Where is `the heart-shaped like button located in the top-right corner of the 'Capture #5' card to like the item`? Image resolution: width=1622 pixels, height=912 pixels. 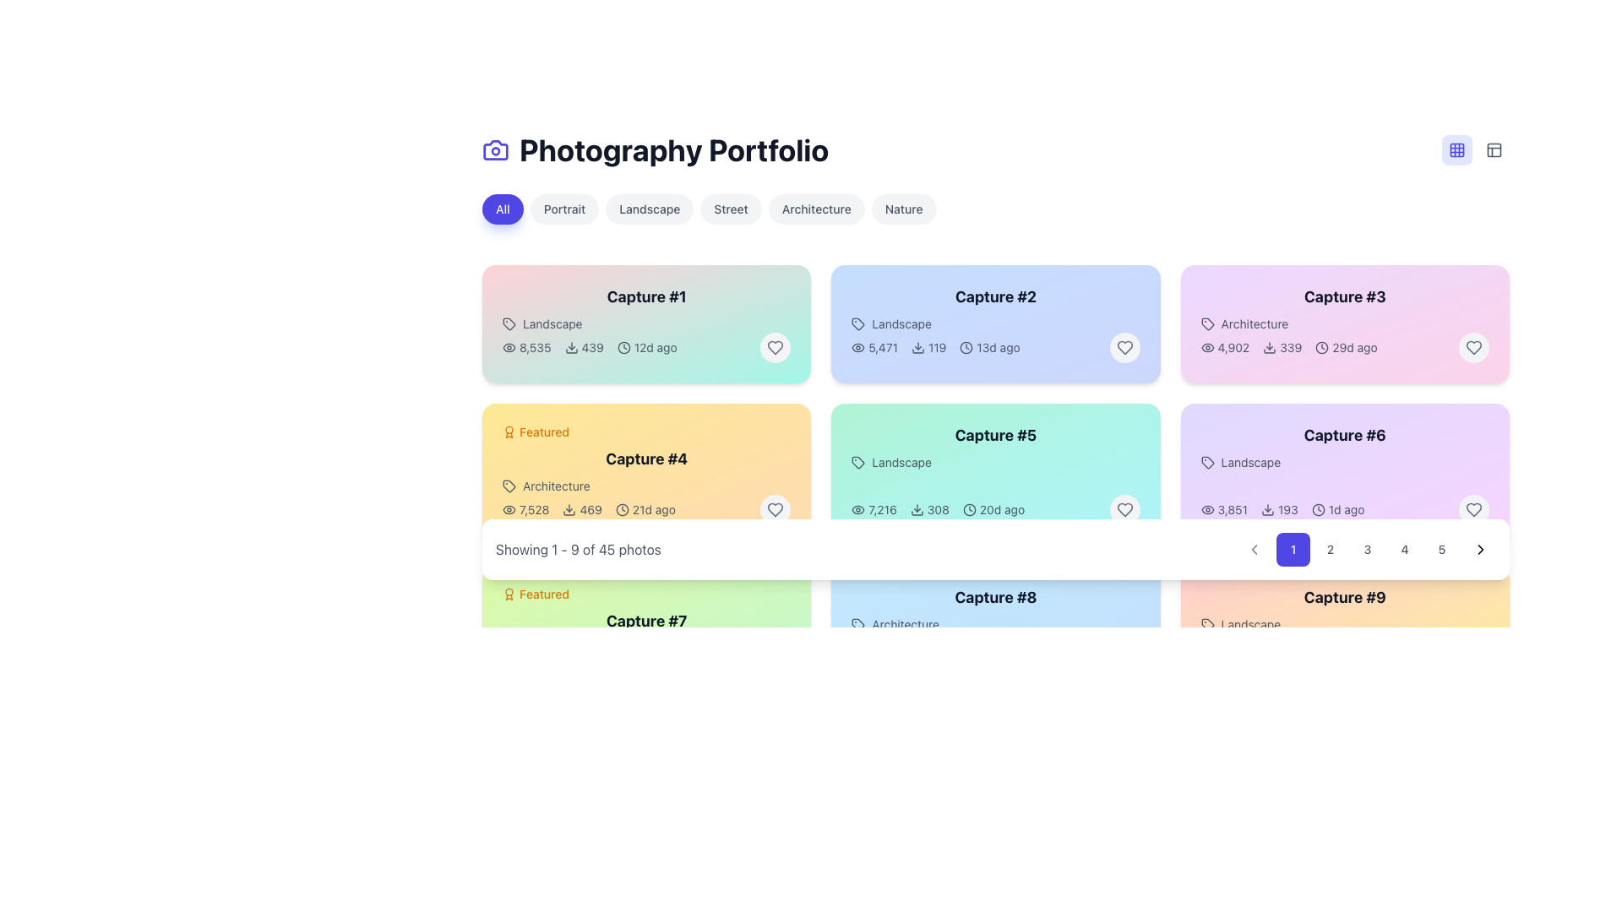 the heart-shaped like button located in the top-right corner of the 'Capture #5' card to like the item is located at coordinates (1124, 509).